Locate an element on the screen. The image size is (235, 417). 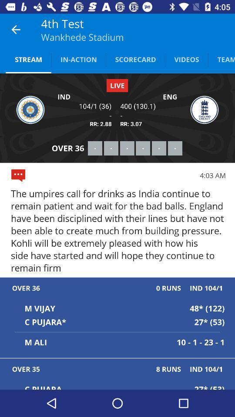
the item next to the videos is located at coordinates (135, 59).